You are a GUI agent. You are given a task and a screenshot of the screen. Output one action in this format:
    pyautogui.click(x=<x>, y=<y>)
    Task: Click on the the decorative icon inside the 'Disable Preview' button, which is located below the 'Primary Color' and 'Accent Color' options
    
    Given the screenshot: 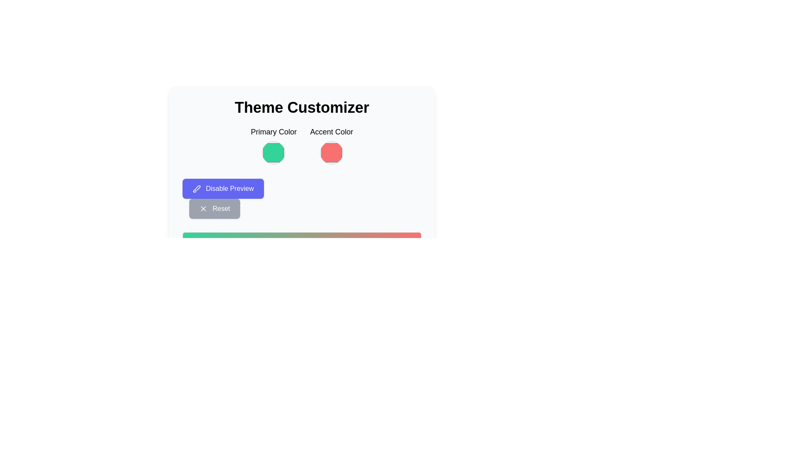 What is the action you would take?
    pyautogui.click(x=196, y=188)
    